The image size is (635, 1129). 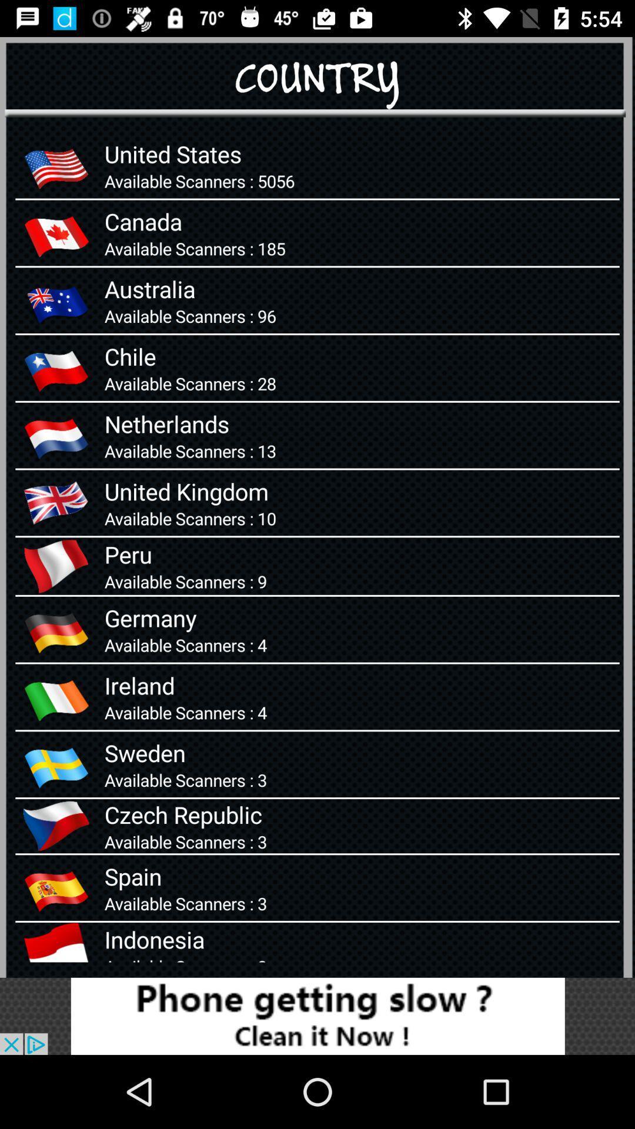 What do you see at coordinates (317, 1016) in the screenshot?
I see `adverts` at bounding box center [317, 1016].